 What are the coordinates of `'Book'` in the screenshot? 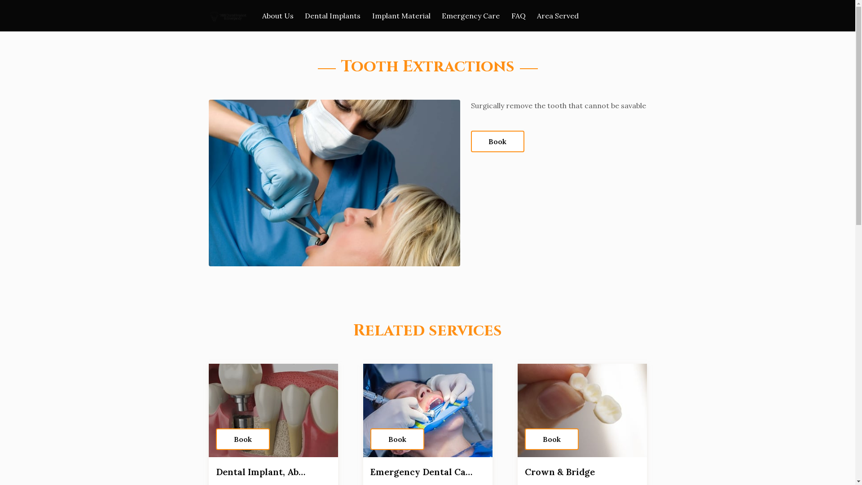 It's located at (242, 439).